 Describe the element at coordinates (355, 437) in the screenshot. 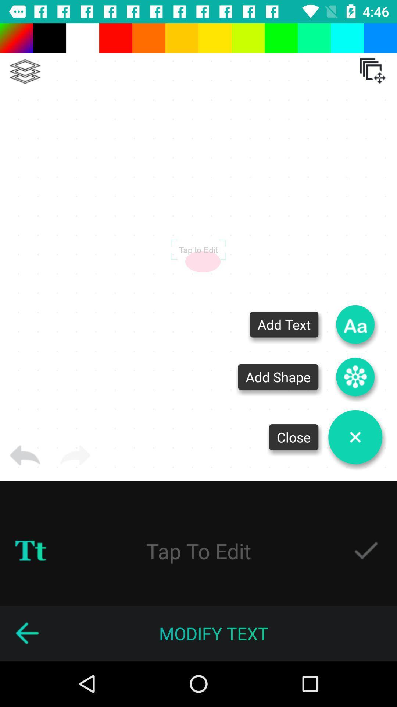

I see `the close icon` at that location.